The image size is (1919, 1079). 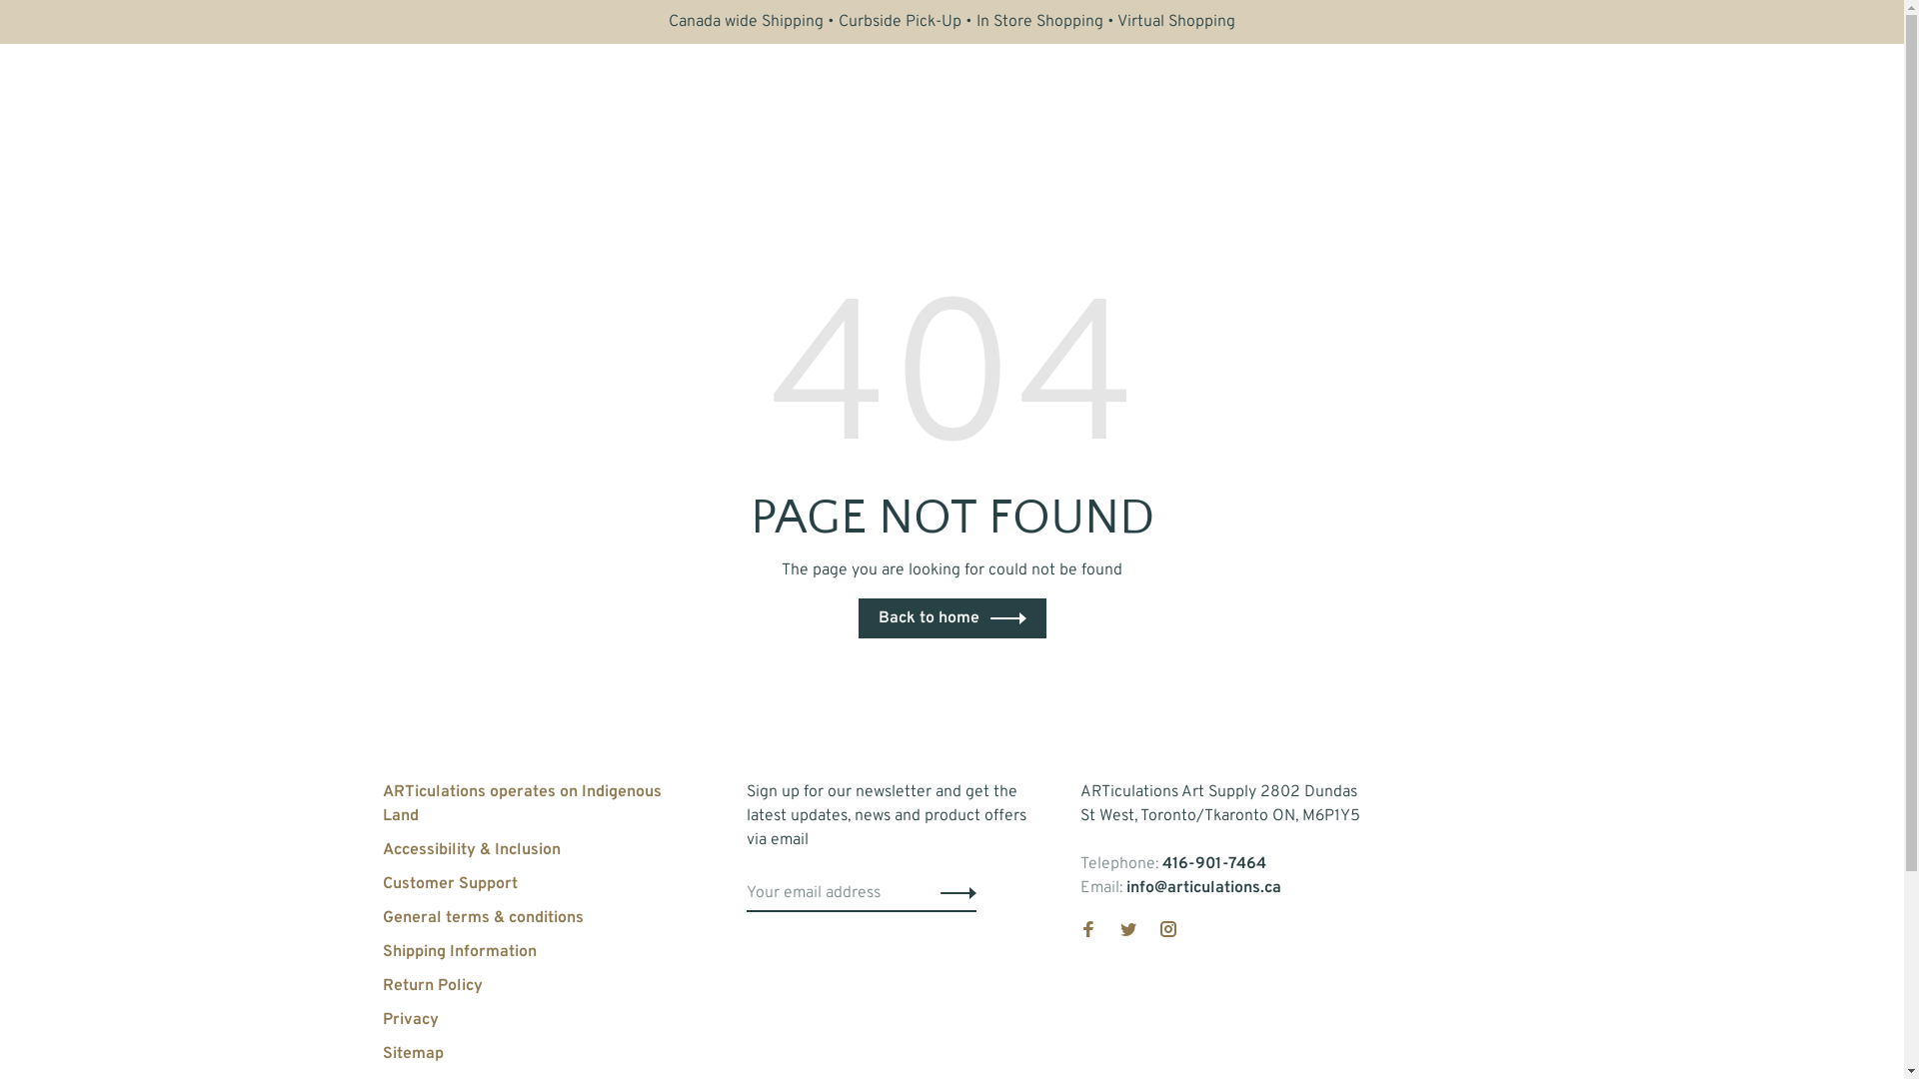 I want to click on 'Back to home', so click(x=858, y=616).